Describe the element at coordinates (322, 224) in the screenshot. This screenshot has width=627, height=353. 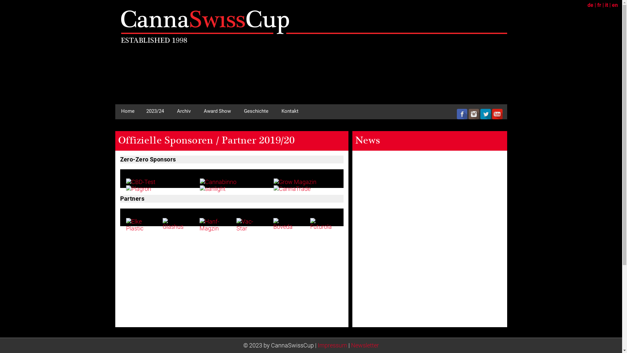
I see `'Futurola'` at that location.